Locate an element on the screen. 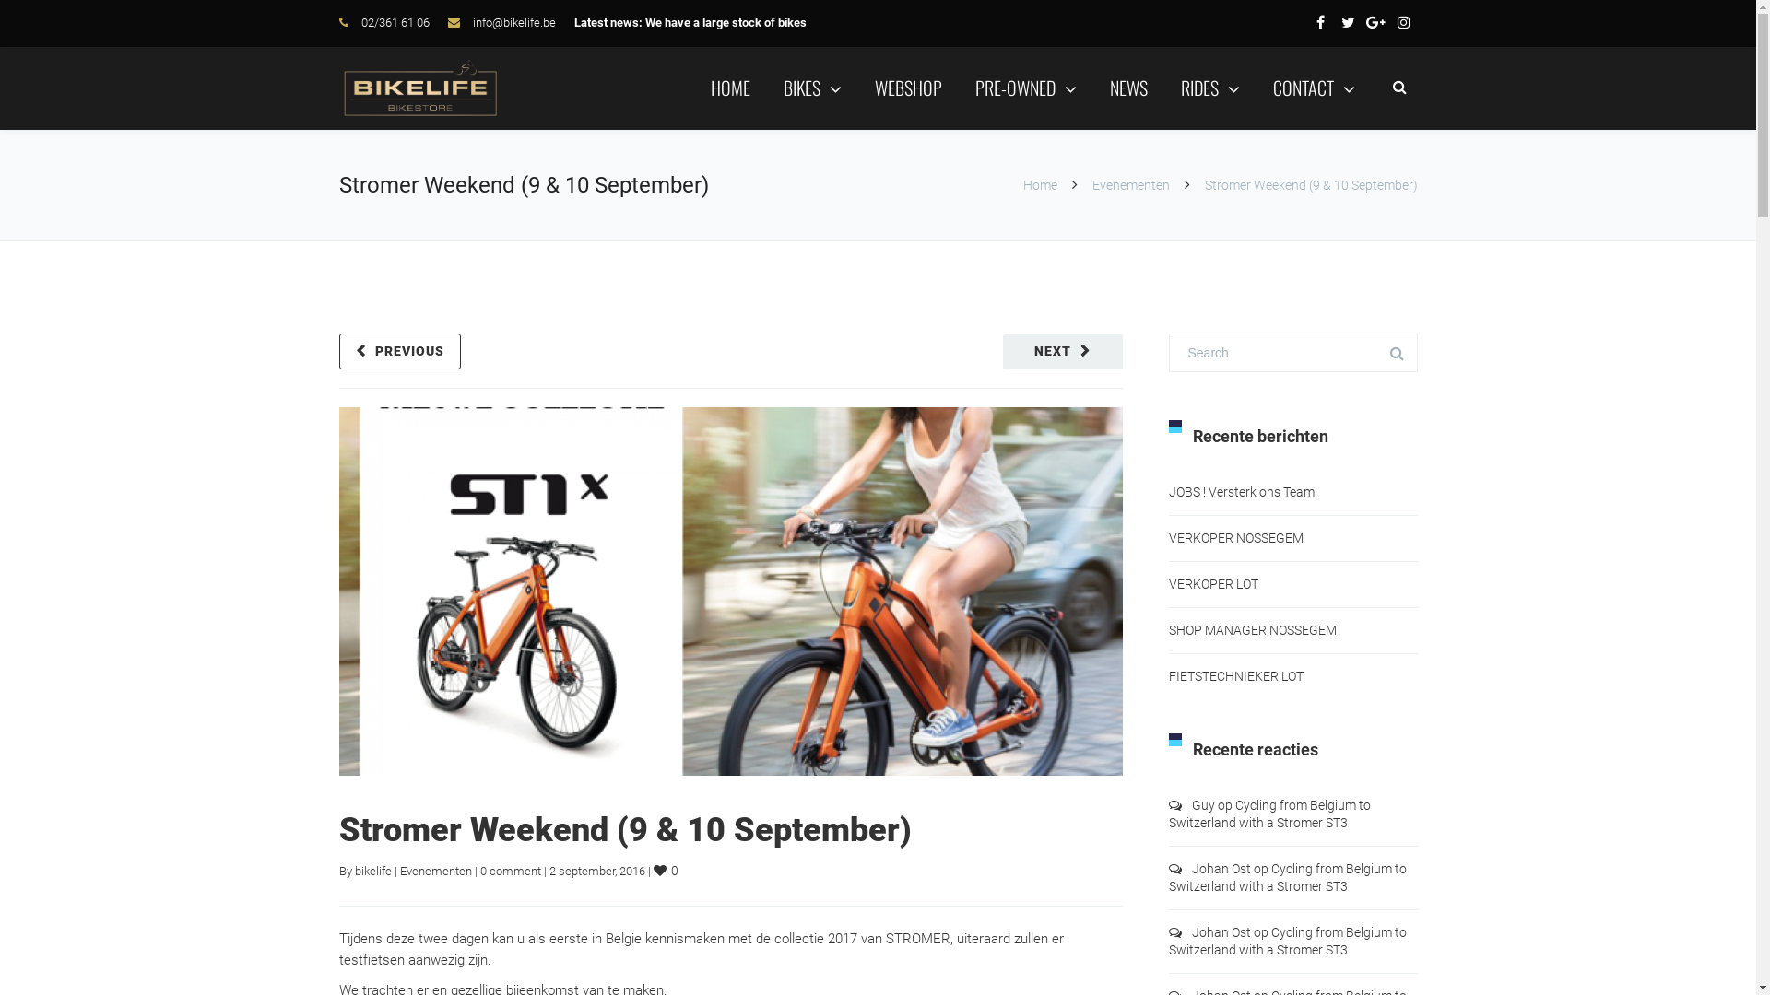 The image size is (1770, 995). 'PREVIOUS' is located at coordinates (339, 351).